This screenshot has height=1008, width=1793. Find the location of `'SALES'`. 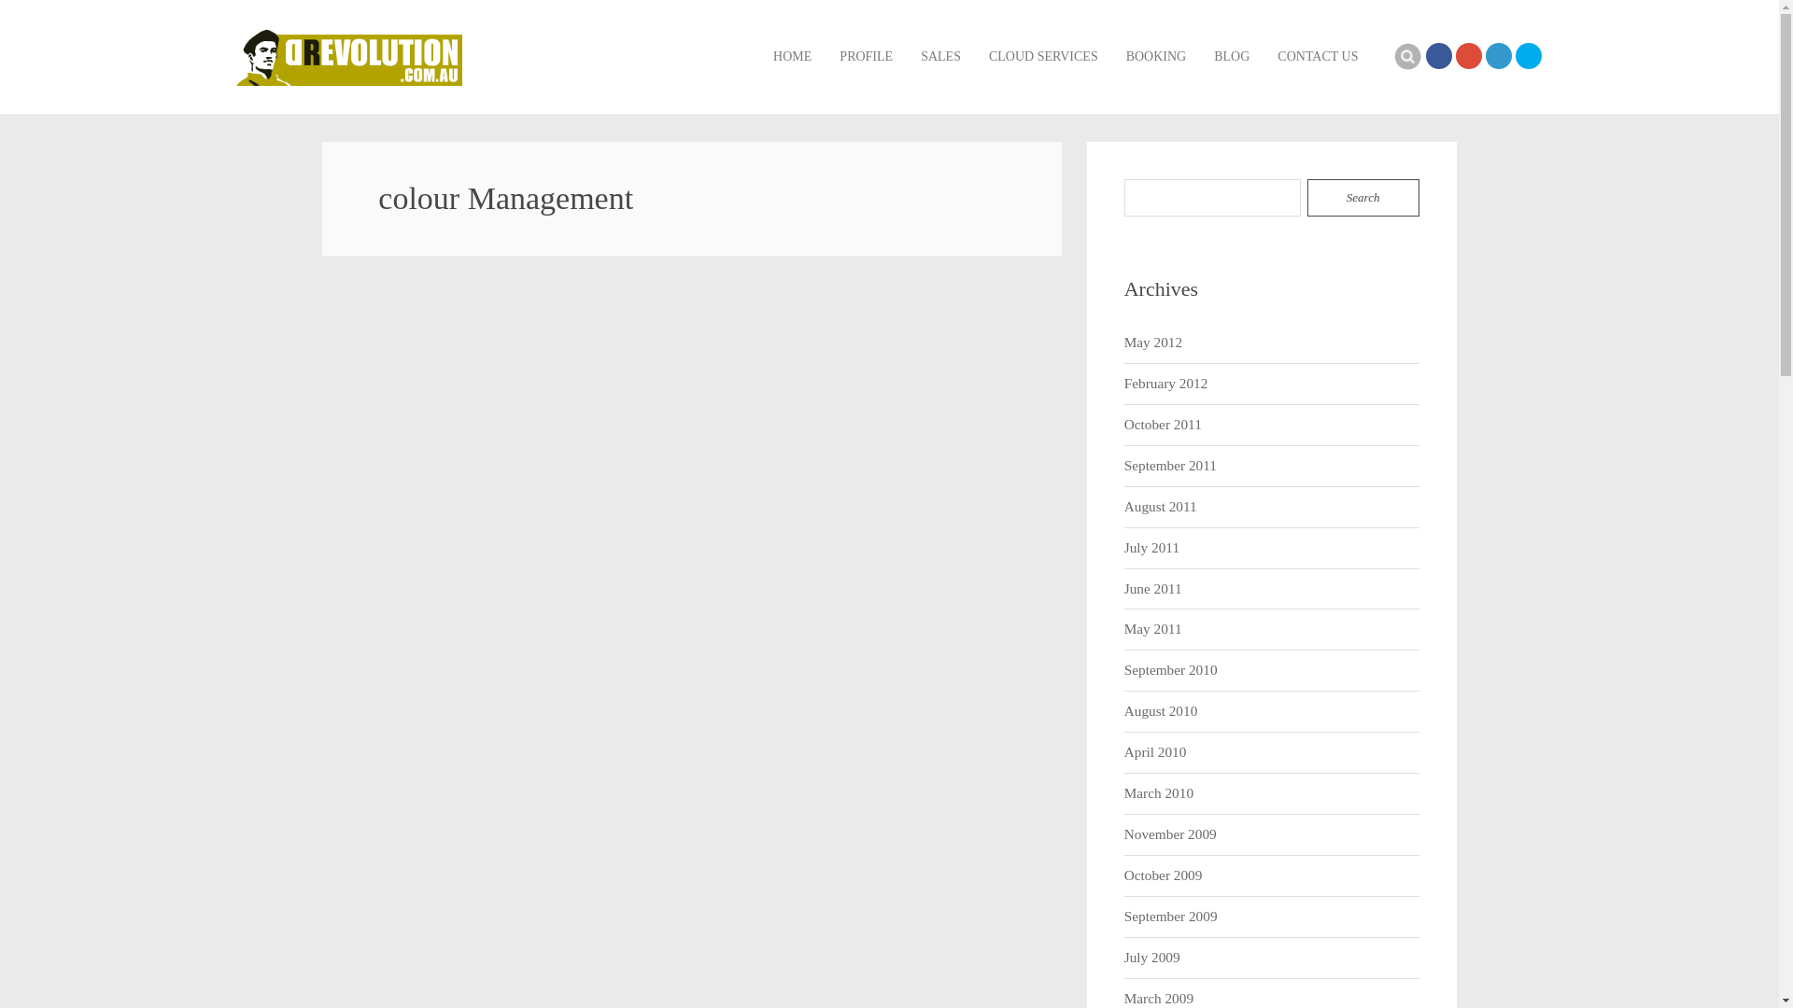

'SALES' is located at coordinates (940, 56).